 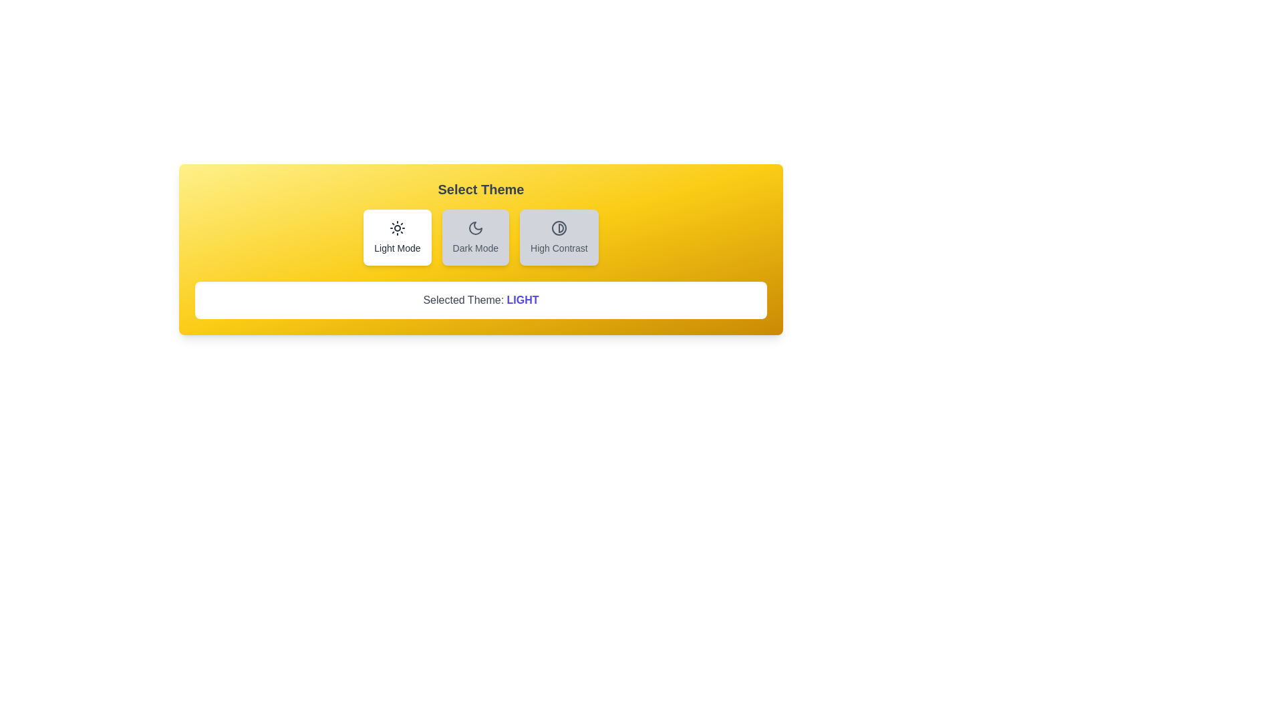 What do you see at coordinates (559, 236) in the screenshot?
I see `the High Contrast button to observe its hover animation` at bounding box center [559, 236].